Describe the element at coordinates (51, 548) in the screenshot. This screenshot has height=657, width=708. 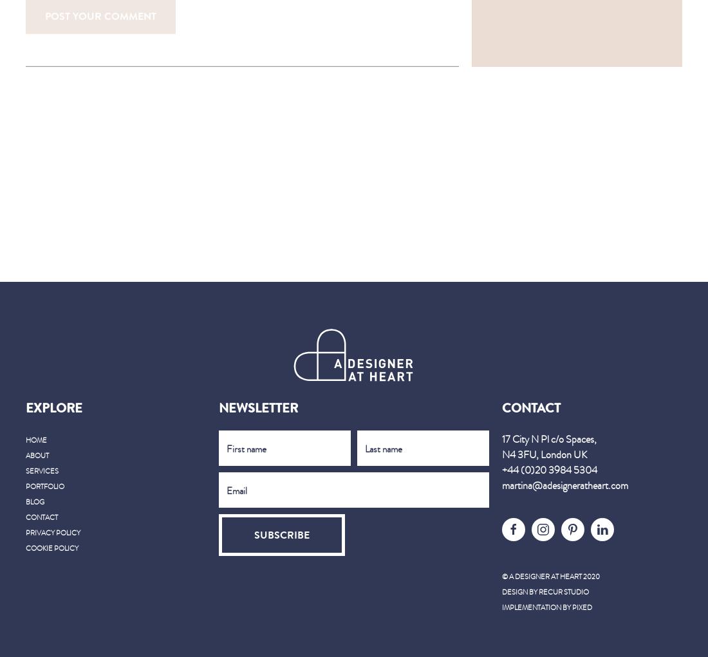
I see `'Cookie Policy'` at that location.